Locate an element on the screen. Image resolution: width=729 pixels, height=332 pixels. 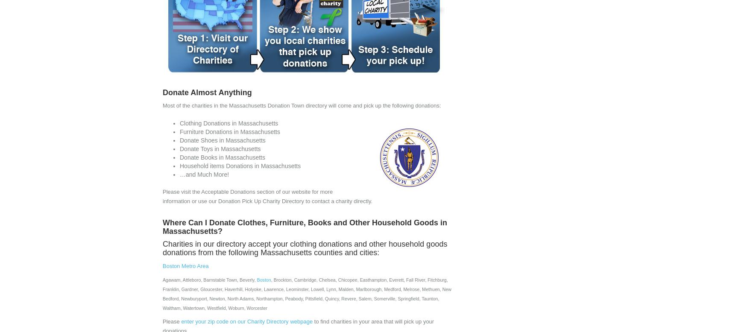
'Agawam, Attleboro, Barnstable Town, Beverly,' is located at coordinates (209, 279).